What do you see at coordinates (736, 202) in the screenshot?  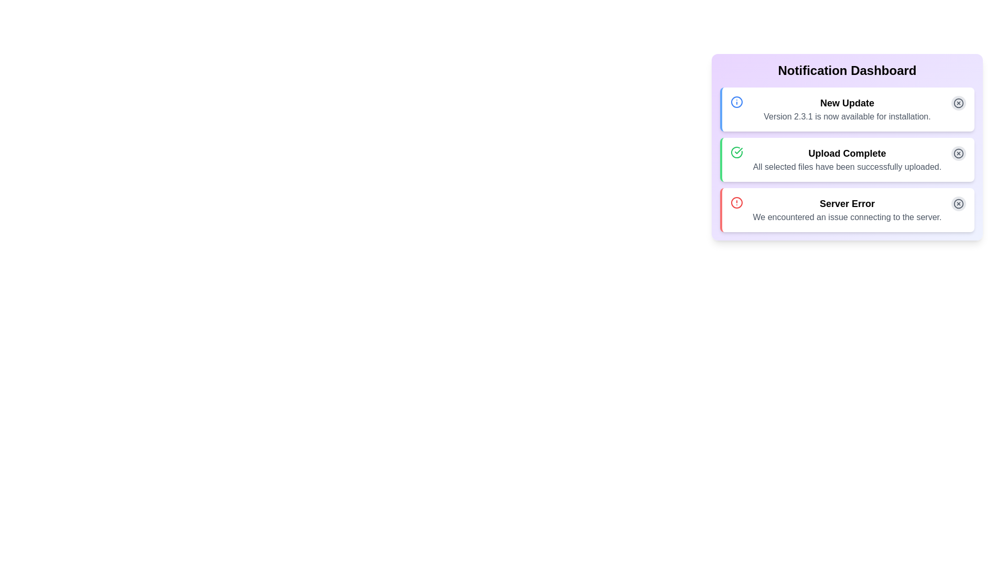 I see `the SVG Circle that is part of the 'Server Error' notification icon located to the left of the text within the third notification block in the 'Notification Dashboard'` at bounding box center [736, 202].